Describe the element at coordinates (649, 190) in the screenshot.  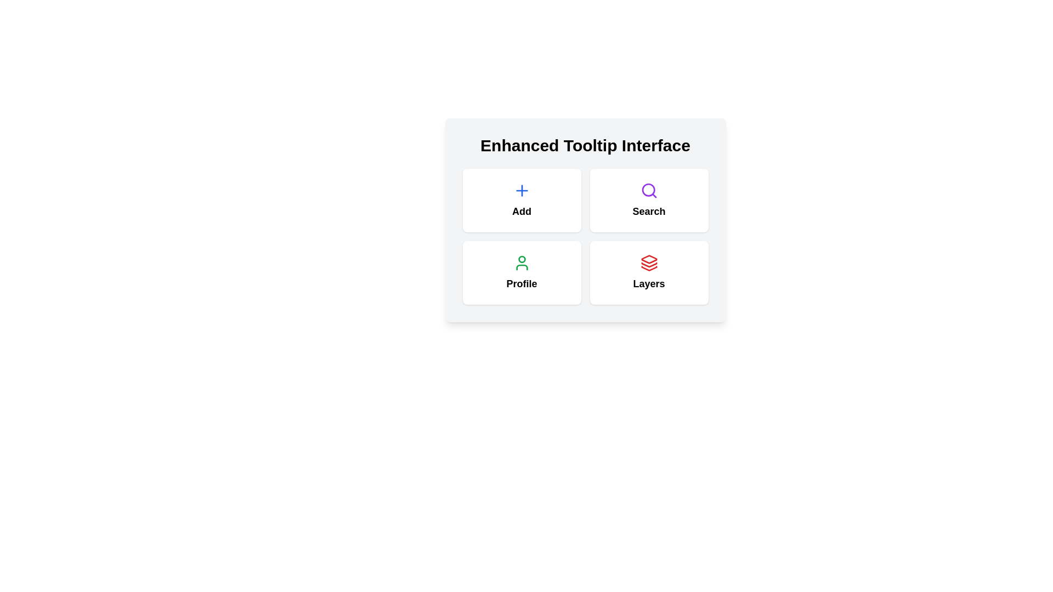
I see `the search icon (SVG) in the upper-right quadrant of the grid layout, which visually represents the search functionality and is centered above the text 'Search'` at that location.